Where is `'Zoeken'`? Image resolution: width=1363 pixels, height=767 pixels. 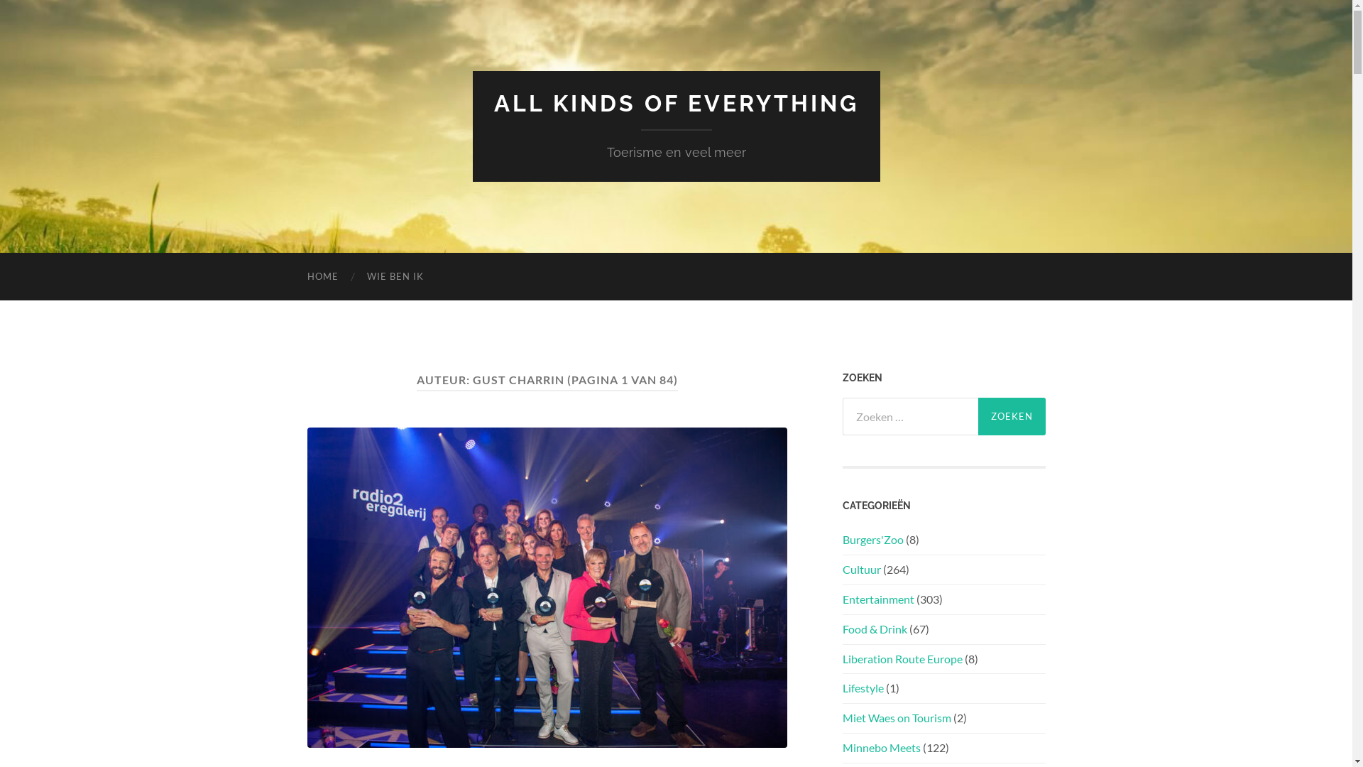
'Zoeken' is located at coordinates (1011, 415).